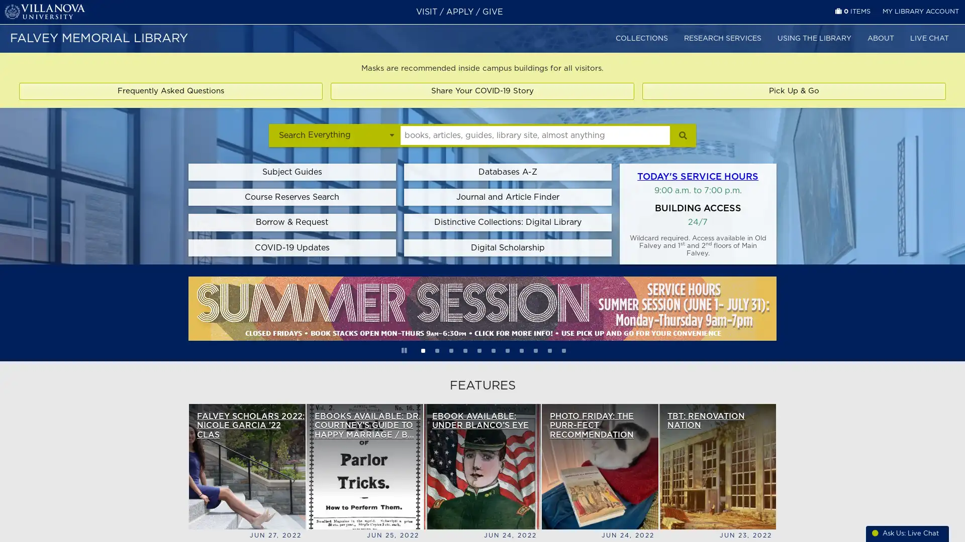 The width and height of the screenshot is (965, 542). I want to click on Search, so click(683, 134).